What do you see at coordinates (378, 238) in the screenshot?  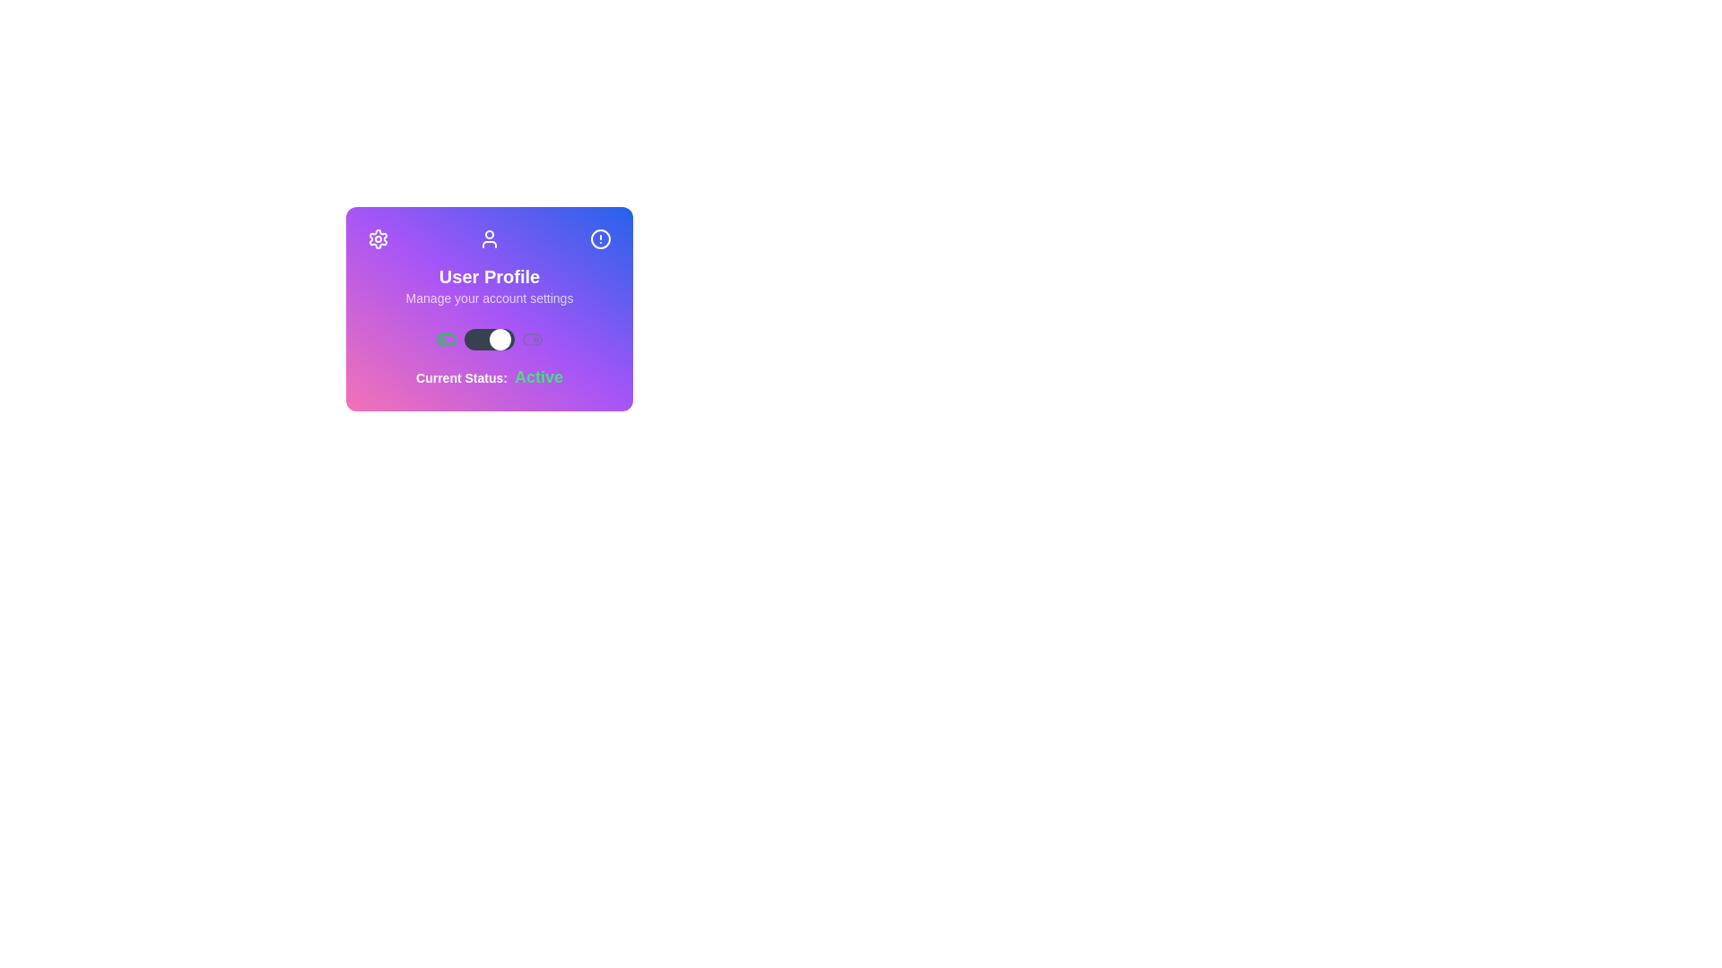 I see `the gear-shaped icon used for settings, located on the left side of the header bar in the 'User Profile' card` at bounding box center [378, 238].